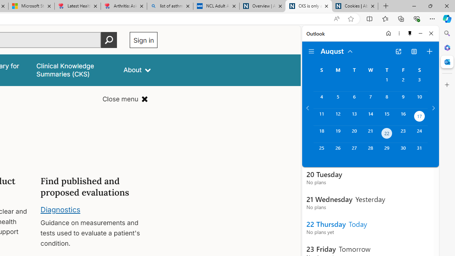 Image resolution: width=455 pixels, height=256 pixels. What do you see at coordinates (403, 100) in the screenshot?
I see `'Friday, August 9, 2024. '` at bounding box center [403, 100].